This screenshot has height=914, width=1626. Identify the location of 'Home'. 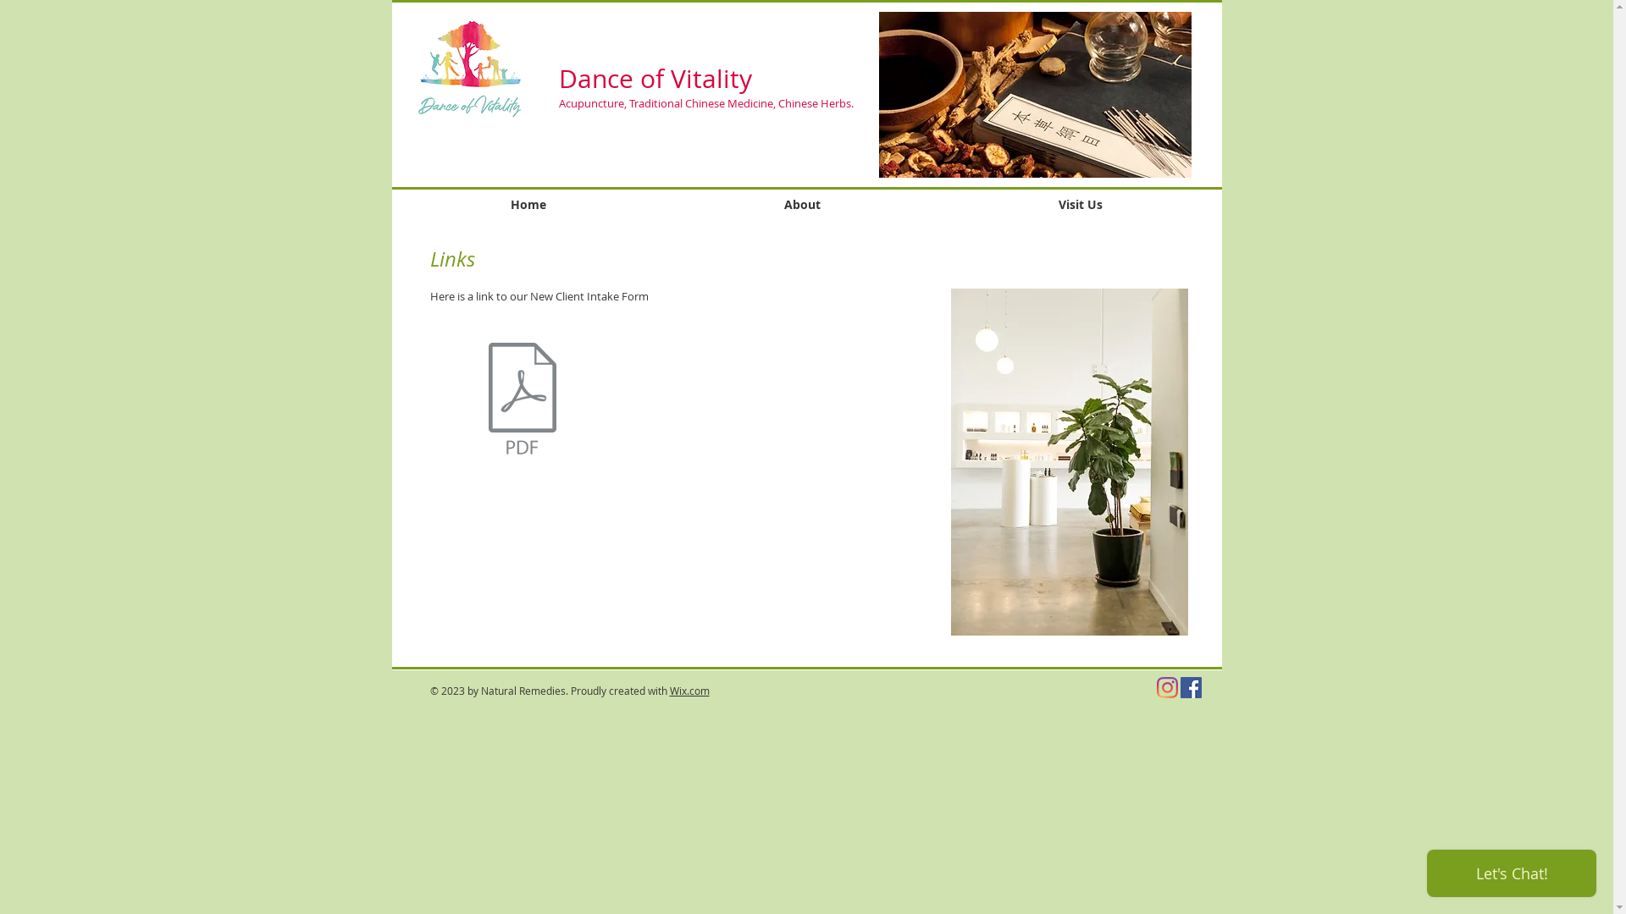
(527, 204).